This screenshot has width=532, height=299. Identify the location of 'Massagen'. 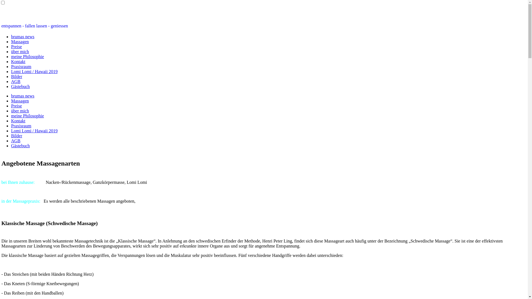
(11, 101).